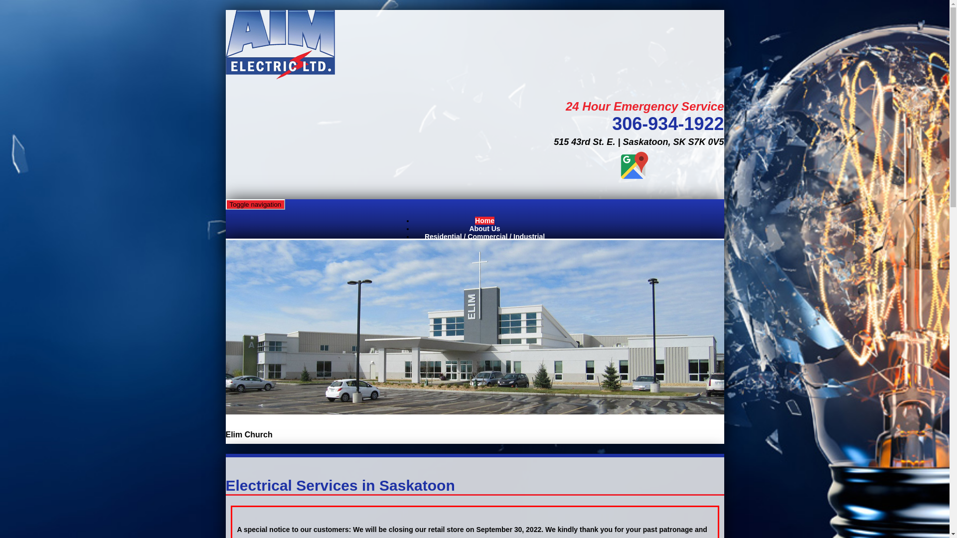 Image resolution: width=957 pixels, height=538 pixels. I want to click on 'Aim Electric Ltd  (Saskatoon), Electrician, Saskatoon, SK', so click(686, 169).